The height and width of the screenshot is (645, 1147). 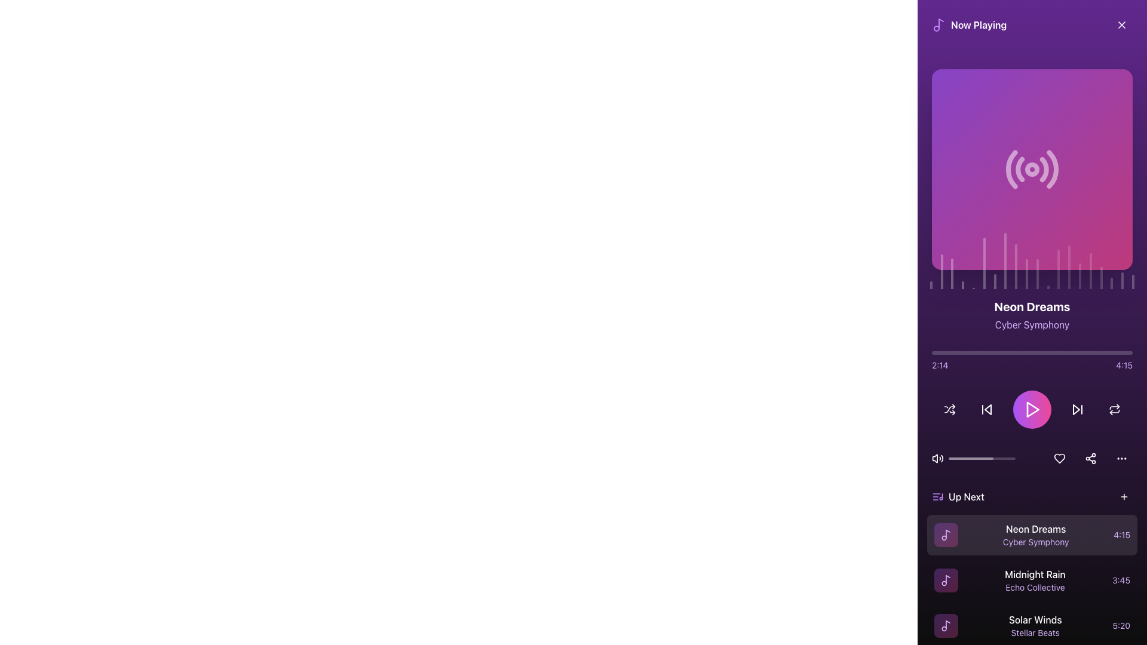 I want to click on the twelfth Decorative visualizer bar, which is a thin vertical bar with a light appearance and rounded top edges, animated with a pulsing effect, located below the central content of the media player UI, so click(x=1036, y=274).